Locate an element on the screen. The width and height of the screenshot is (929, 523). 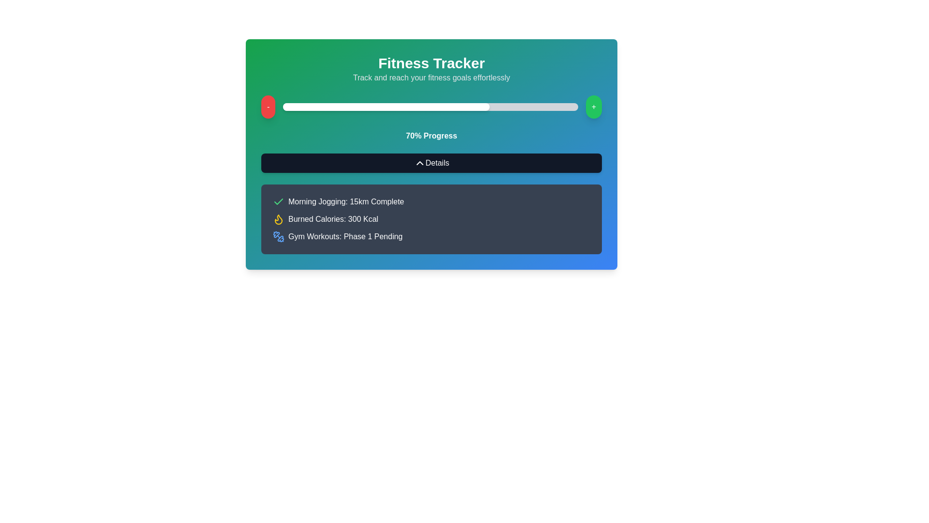
information displayed in the list of texts with accompanying icons, which details user’s fitness activities including completed and pending activities, calories burned, and exercise phases is located at coordinates (431, 219).